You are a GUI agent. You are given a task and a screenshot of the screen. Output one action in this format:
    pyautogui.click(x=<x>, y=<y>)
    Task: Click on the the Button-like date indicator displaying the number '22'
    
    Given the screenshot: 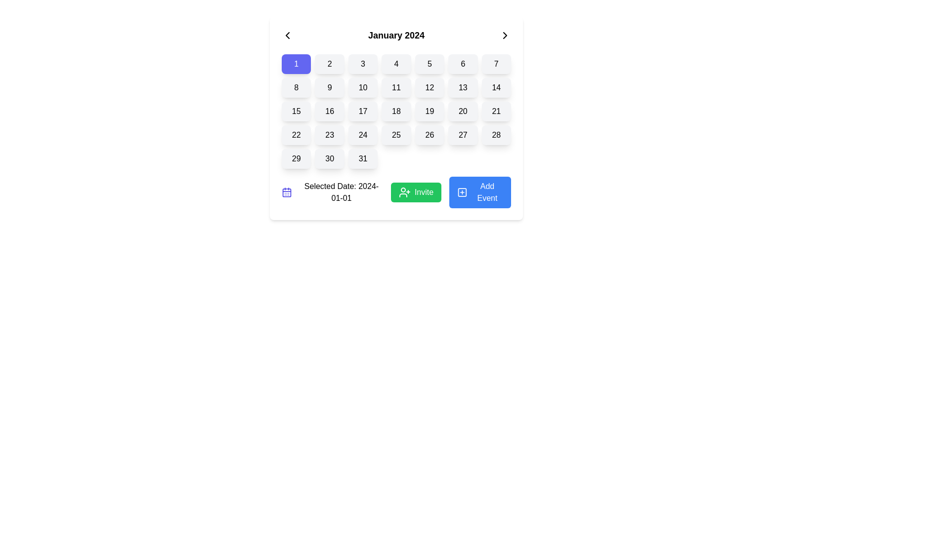 What is the action you would take?
    pyautogui.click(x=296, y=135)
    